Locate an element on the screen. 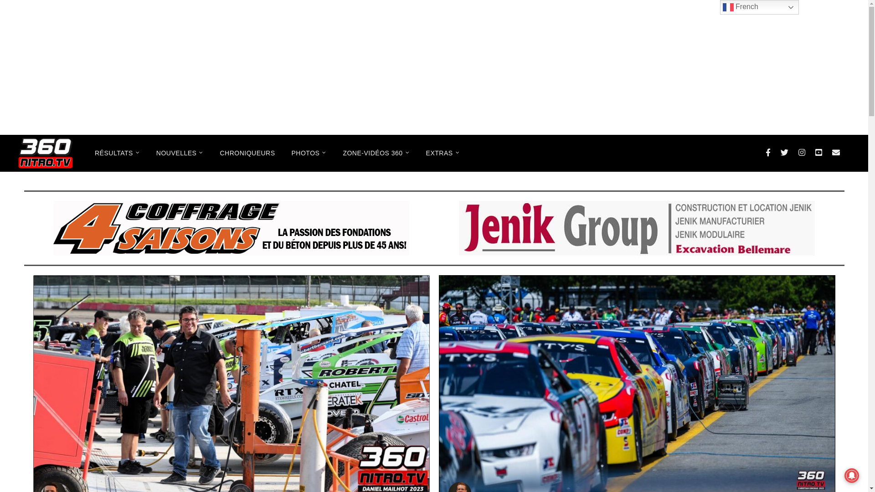 The height and width of the screenshot is (492, 875). 'CHRONIQUEURS' is located at coordinates (247, 152).